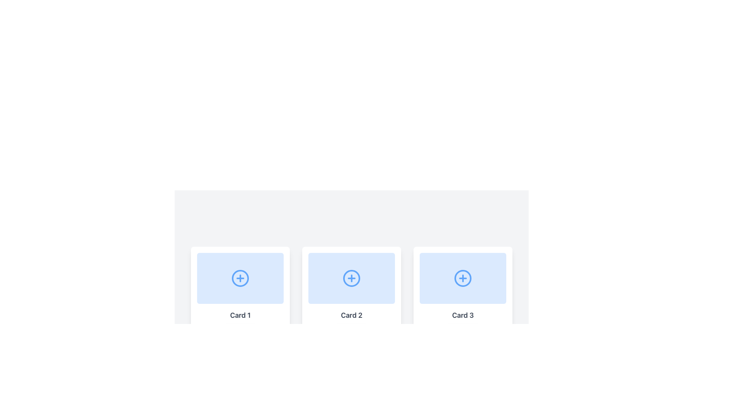 The image size is (742, 417). What do you see at coordinates (240, 296) in the screenshot?
I see `the first card in the top row of the grid layout for keyboard interaction` at bounding box center [240, 296].